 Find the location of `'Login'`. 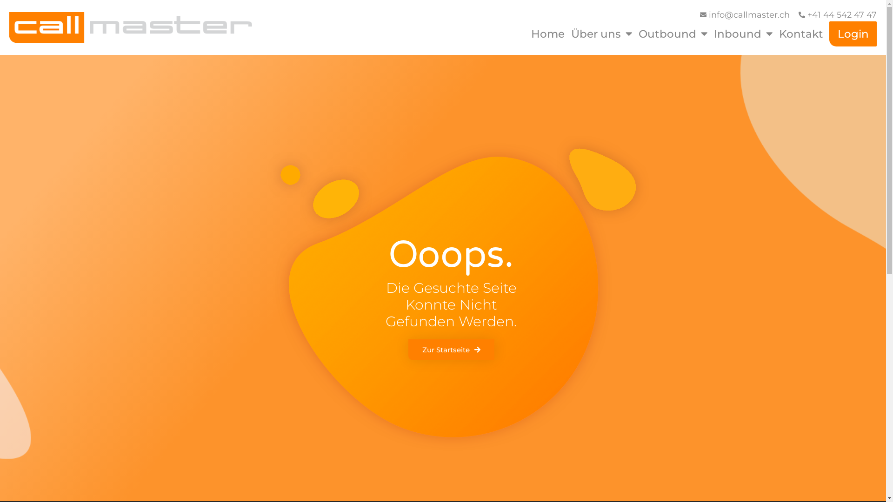

'Login' is located at coordinates (853, 33).